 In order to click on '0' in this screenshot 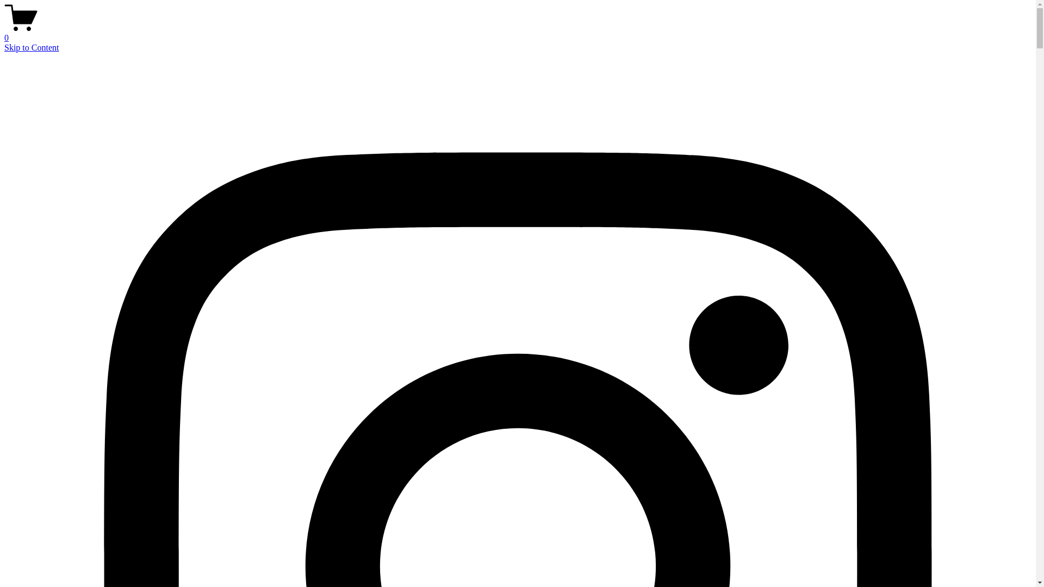, I will do `click(4, 33)`.